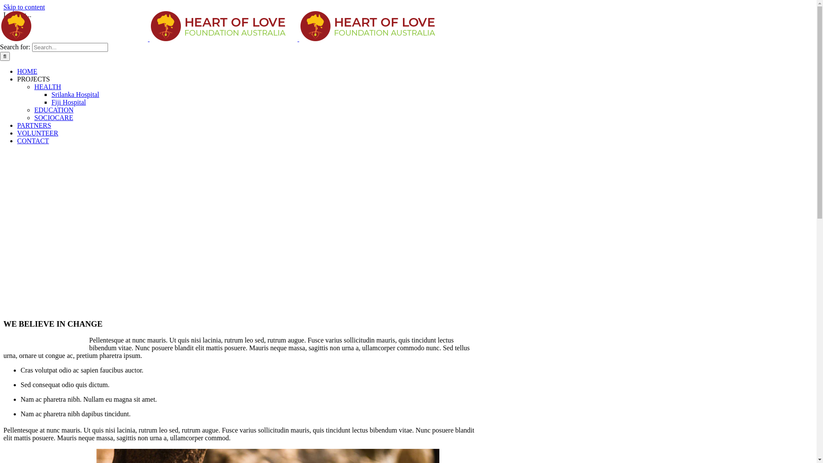 The image size is (823, 463). I want to click on 'HEALTH', so click(47, 87).